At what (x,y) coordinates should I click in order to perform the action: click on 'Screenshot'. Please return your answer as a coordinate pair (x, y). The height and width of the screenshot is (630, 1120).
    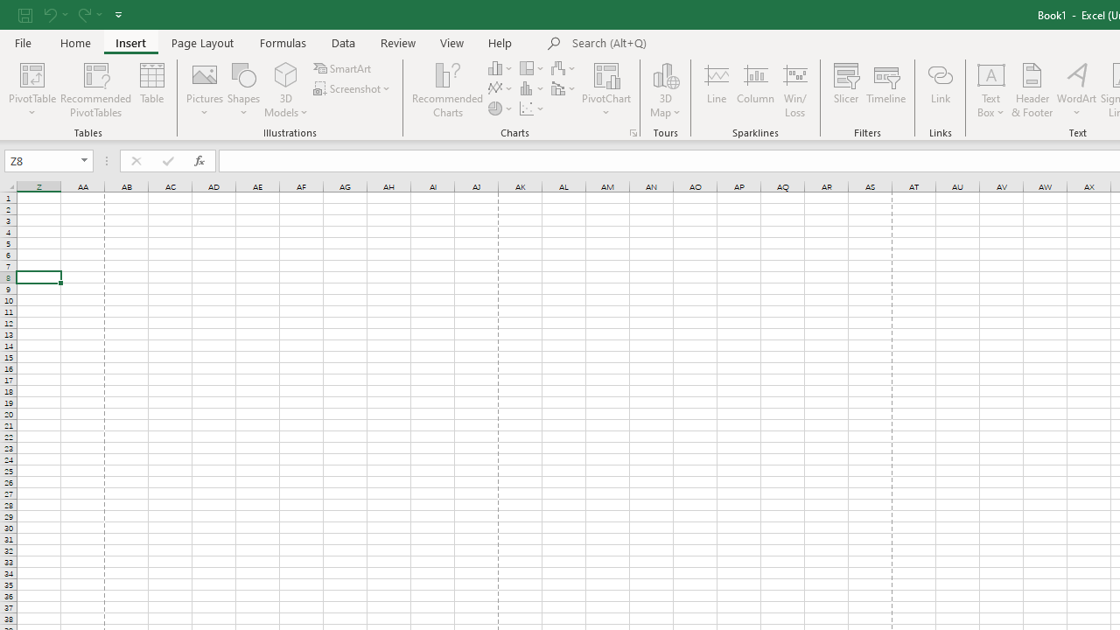
    Looking at the image, I should click on (352, 88).